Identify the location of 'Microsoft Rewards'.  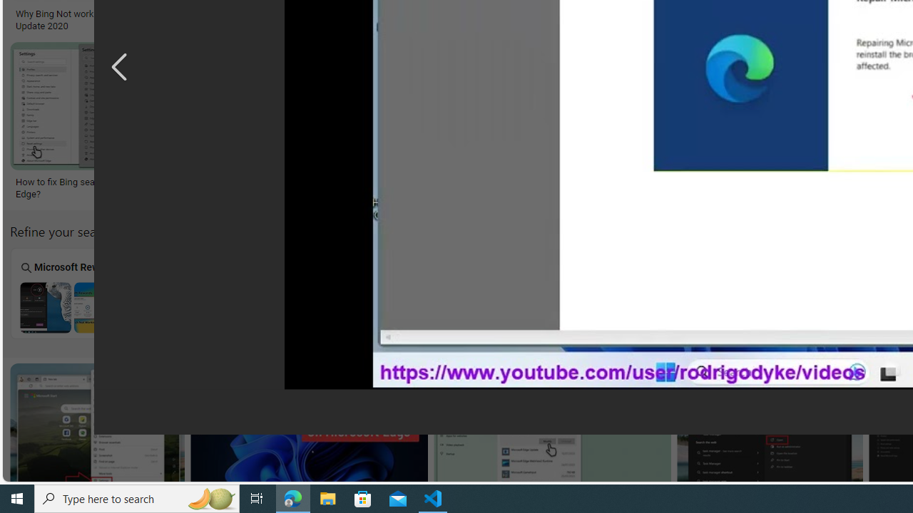
(71, 292).